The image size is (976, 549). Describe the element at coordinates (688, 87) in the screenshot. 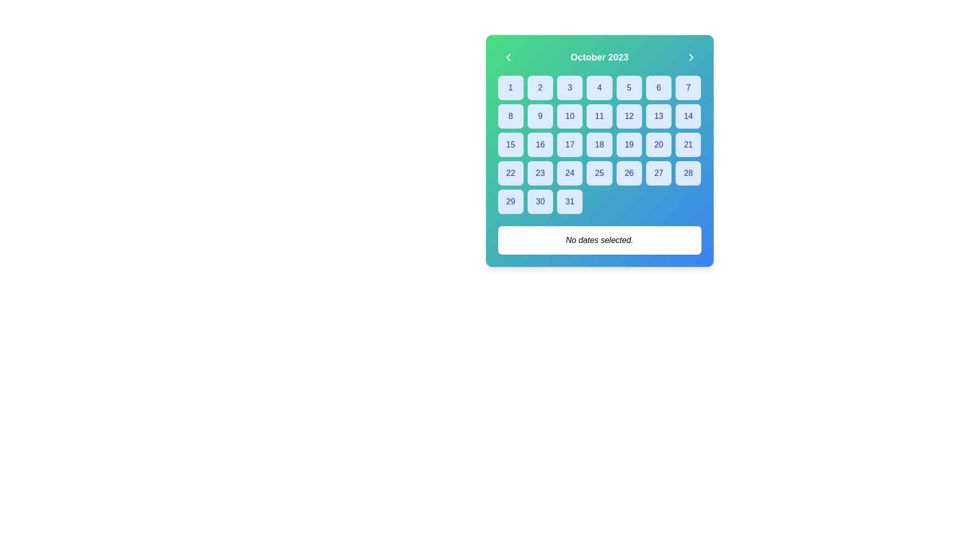

I see `the button representing the date '7' on the calendar for October 2023` at that location.